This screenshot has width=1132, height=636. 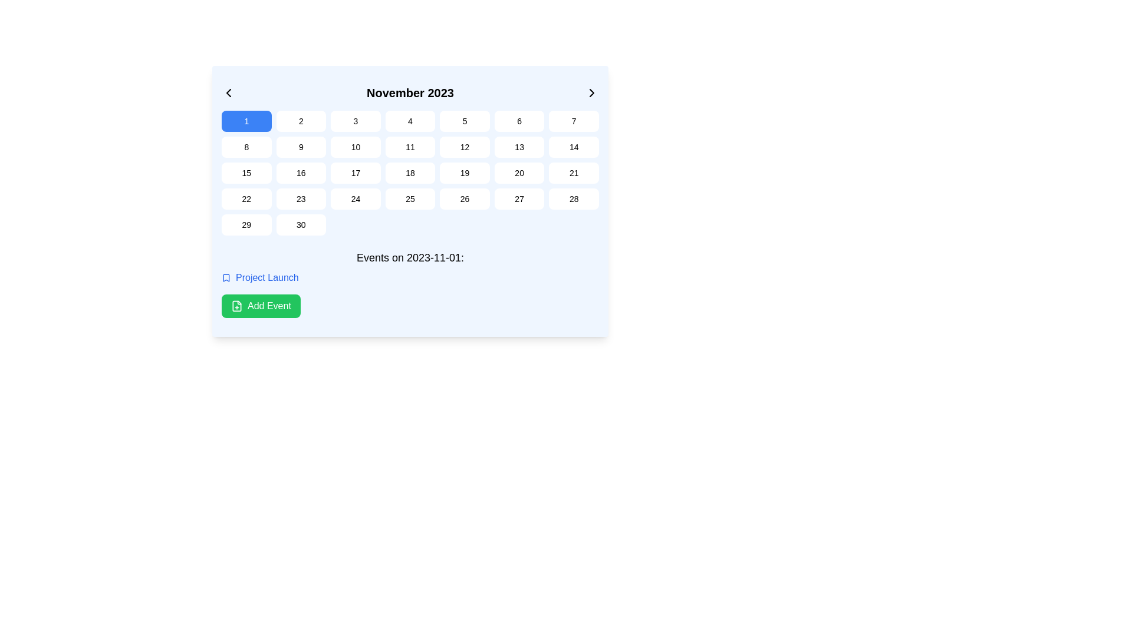 I want to click on the blue rectangular button with rounded corners displaying the number '1' in white at its center, so click(x=246, y=121).